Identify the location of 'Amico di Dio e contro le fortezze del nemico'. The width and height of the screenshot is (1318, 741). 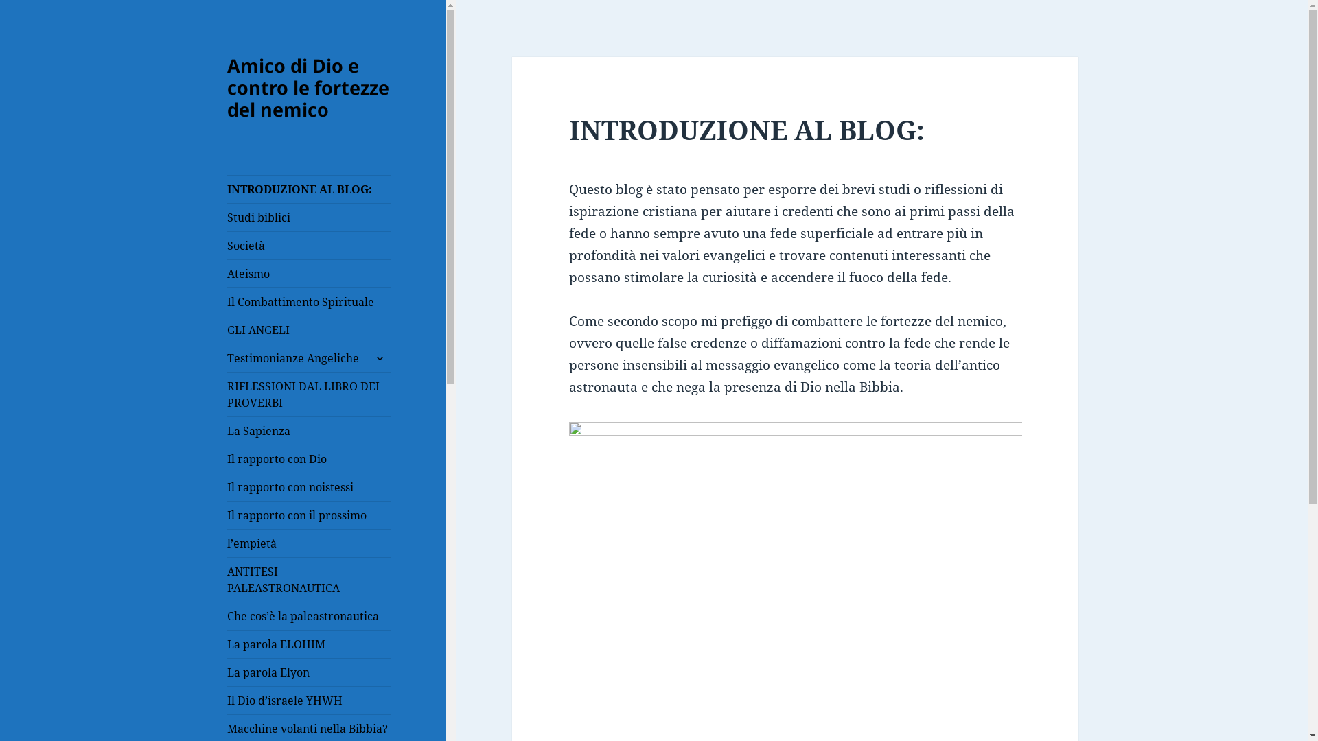
(308, 87).